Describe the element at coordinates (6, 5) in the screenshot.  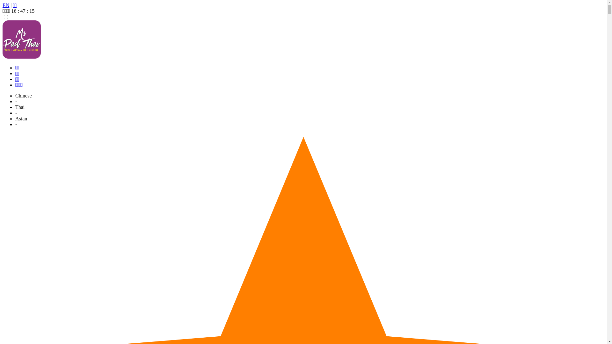
I see `'EN'` at that location.